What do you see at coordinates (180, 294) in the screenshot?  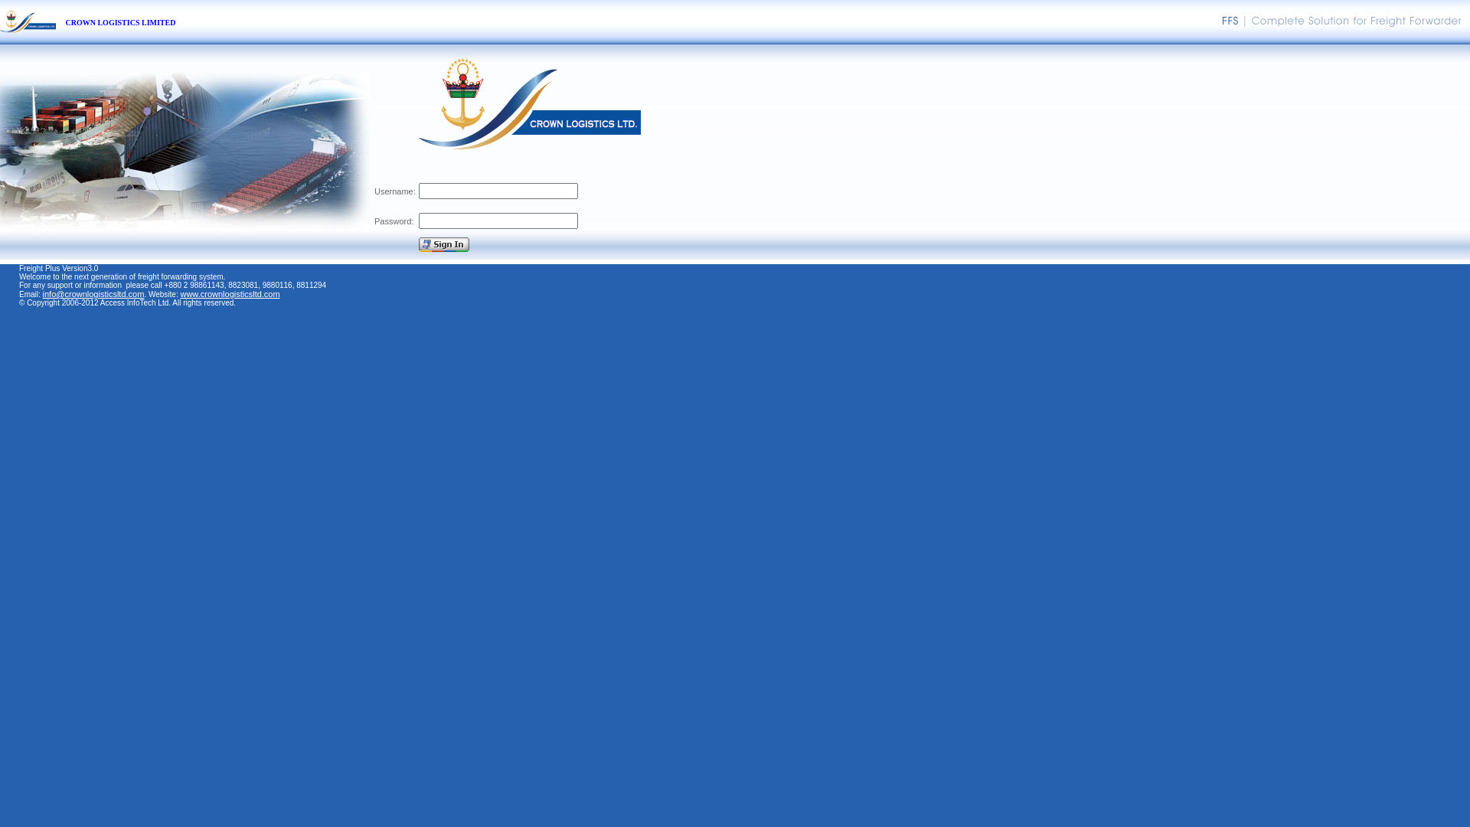 I see `'www.crownlogisticsltd.com'` at bounding box center [180, 294].